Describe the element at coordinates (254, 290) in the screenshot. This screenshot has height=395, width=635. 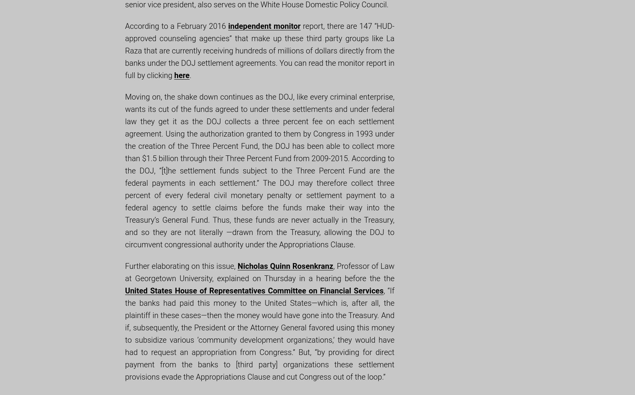
I see `'United States House of Representatives Committee on Financial Services'` at that location.